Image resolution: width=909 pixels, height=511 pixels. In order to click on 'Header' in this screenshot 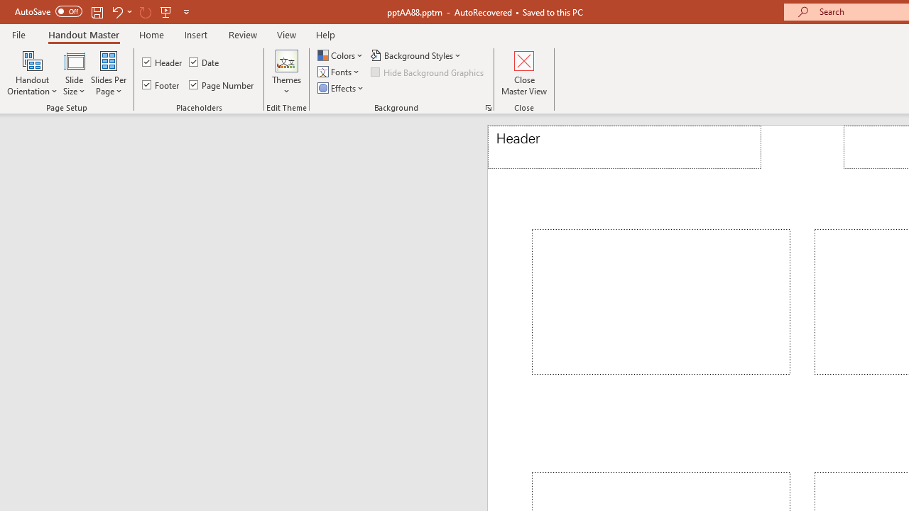, I will do `click(625, 147)`.